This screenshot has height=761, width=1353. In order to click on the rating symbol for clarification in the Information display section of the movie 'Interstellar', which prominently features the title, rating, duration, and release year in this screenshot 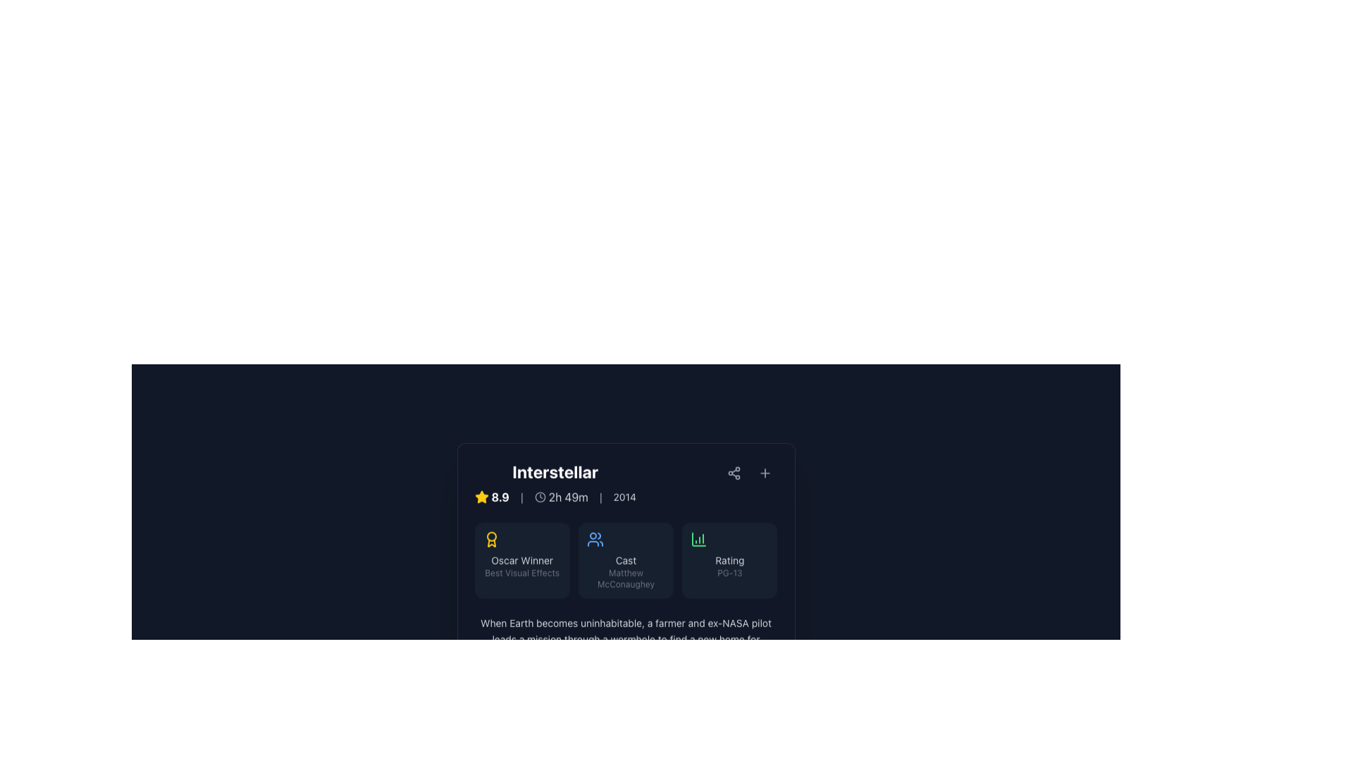, I will do `click(625, 482)`.